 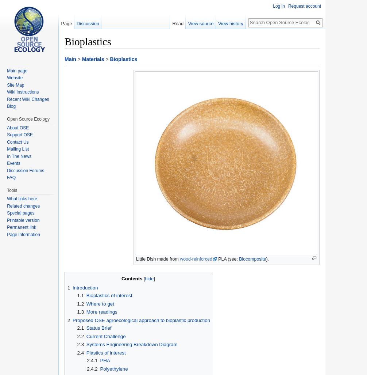 I want to click on ').', so click(x=267, y=258).